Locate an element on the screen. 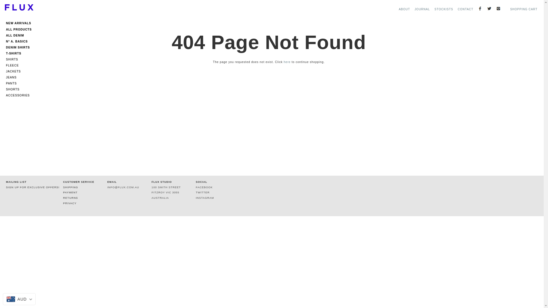  'JOURNAL' is located at coordinates (422, 9).